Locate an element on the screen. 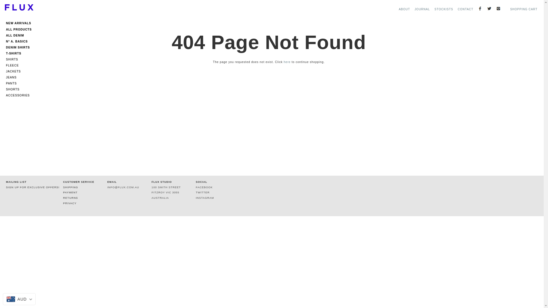  'JOURNAL' is located at coordinates (422, 9).